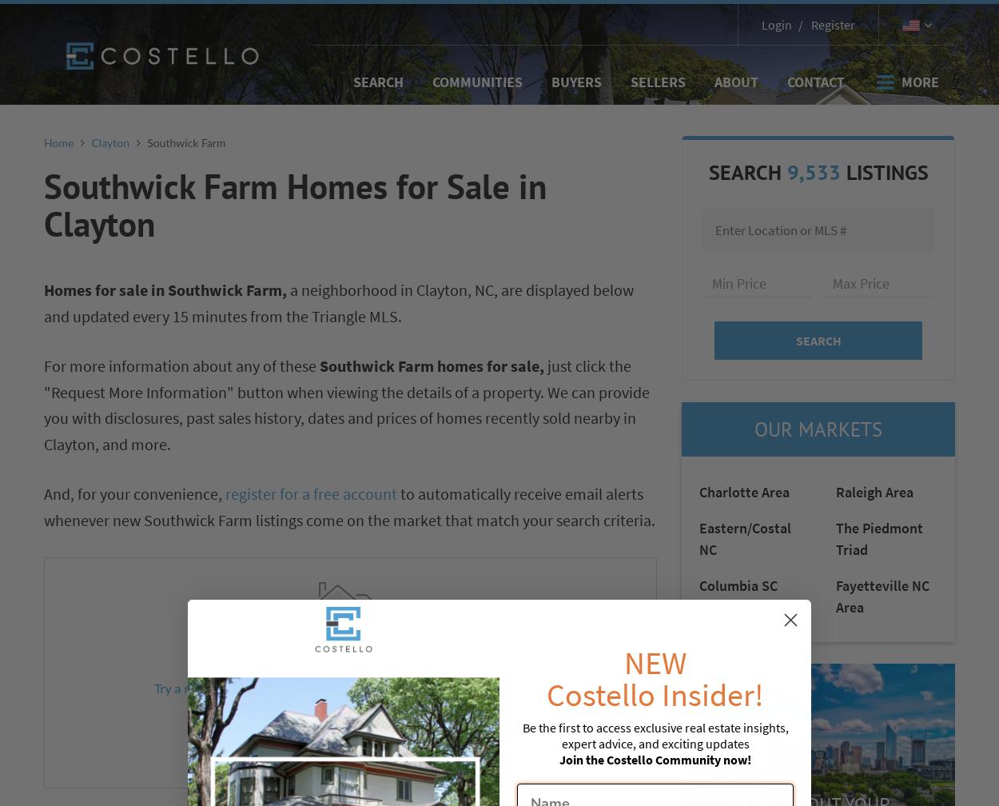  Describe the element at coordinates (349, 507) in the screenshot. I see `'to automatically receive email alerts whenever new Southwick Farm listings come on the market that match your search criteria.'` at that location.